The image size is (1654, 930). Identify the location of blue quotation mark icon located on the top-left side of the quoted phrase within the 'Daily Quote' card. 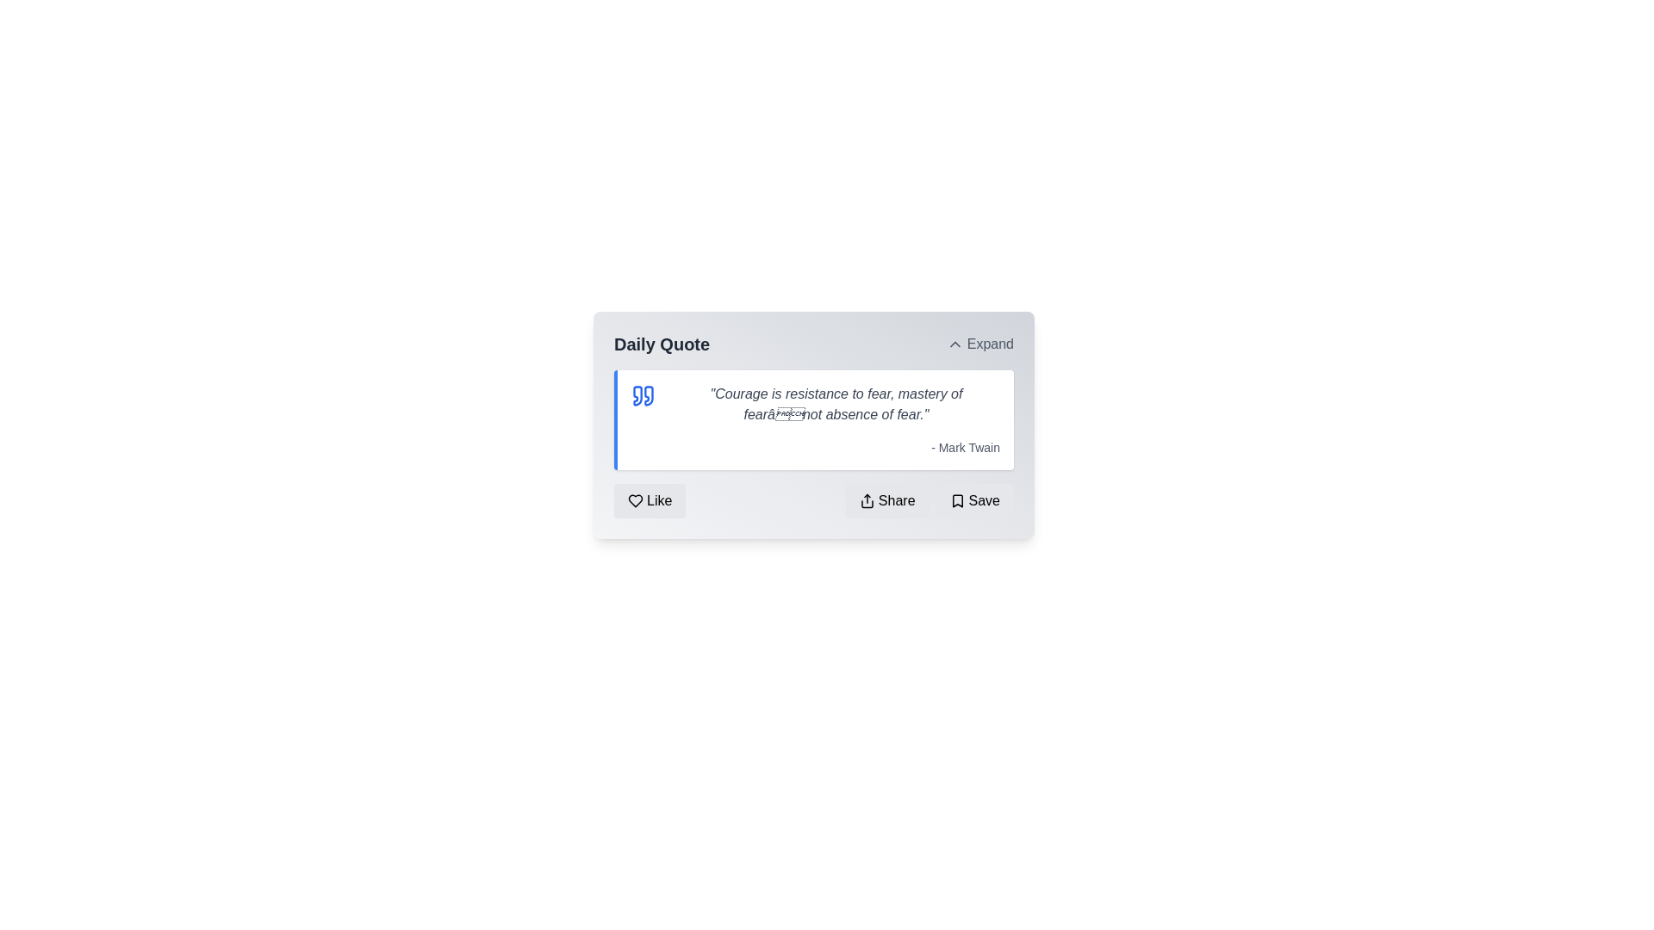
(643, 395).